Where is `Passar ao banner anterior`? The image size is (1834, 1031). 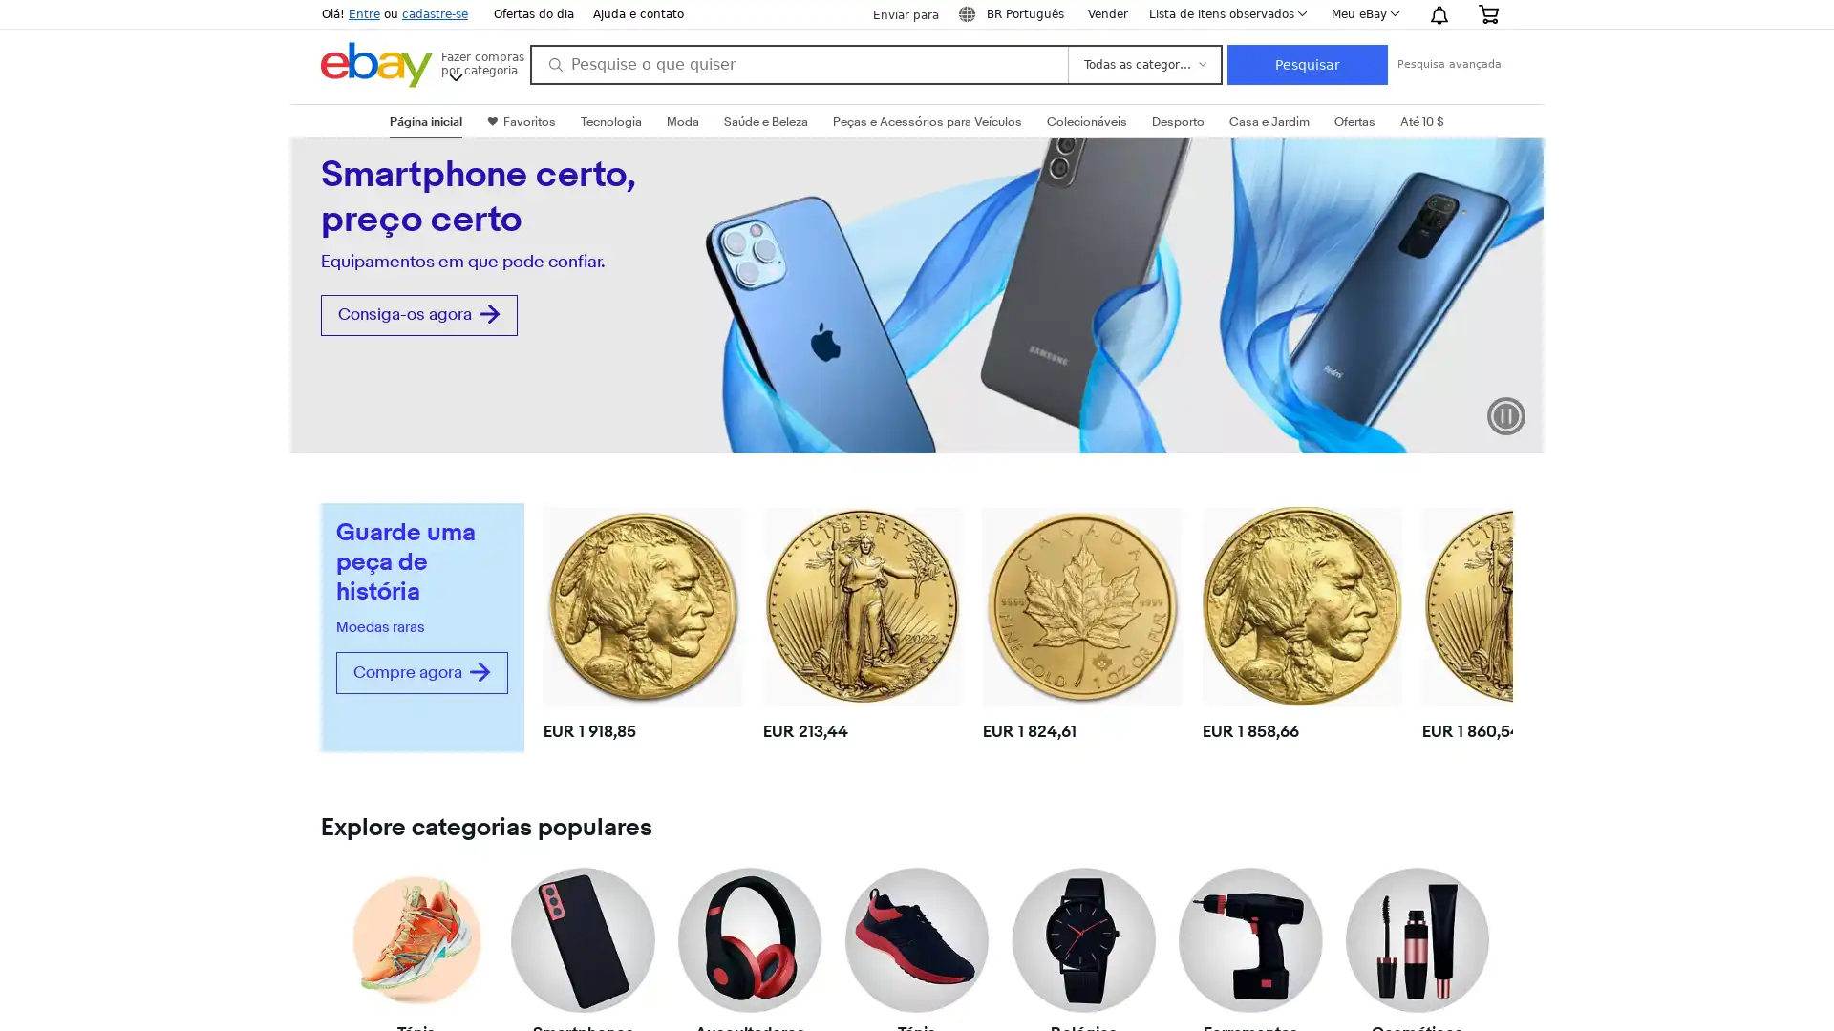
Passar ao banner anterior is located at coordinates (306, 302).